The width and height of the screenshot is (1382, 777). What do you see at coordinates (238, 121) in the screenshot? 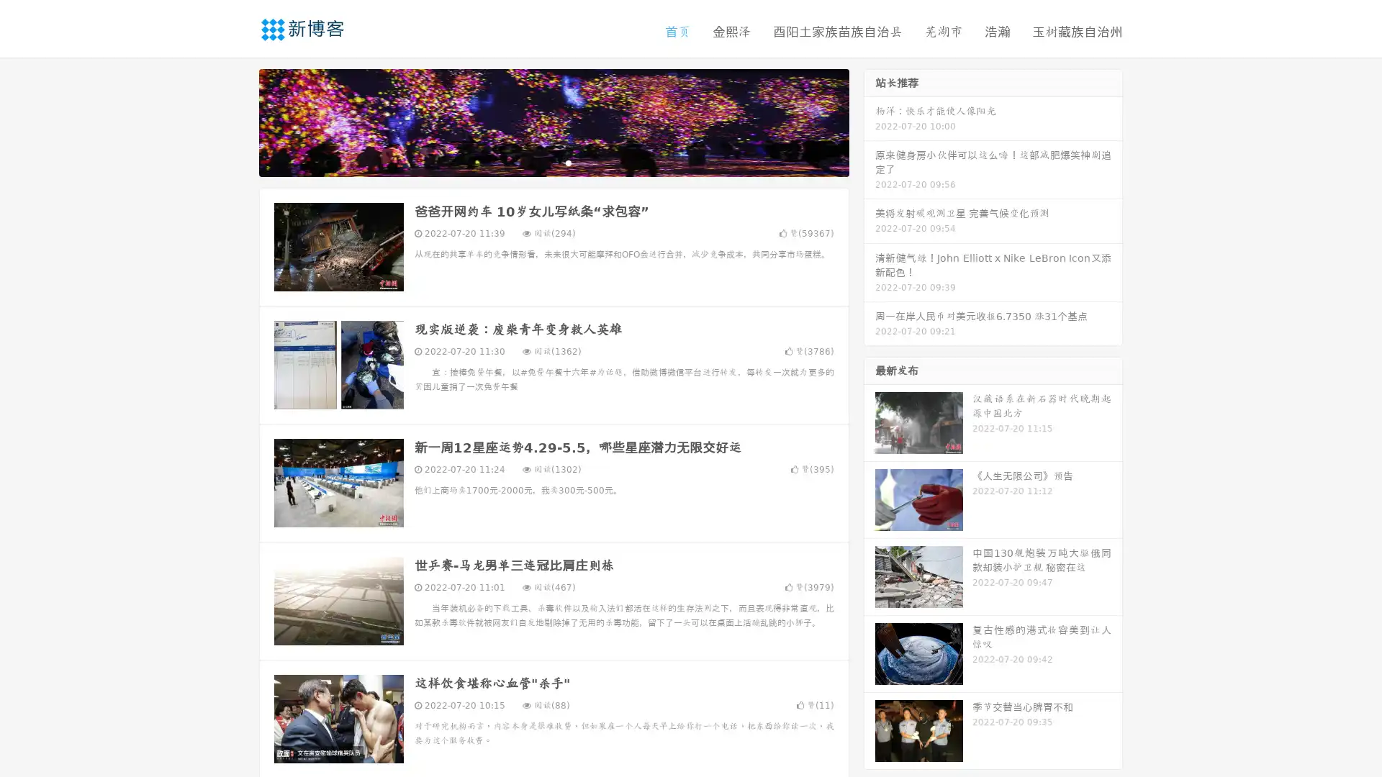
I see `Previous slide` at bounding box center [238, 121].